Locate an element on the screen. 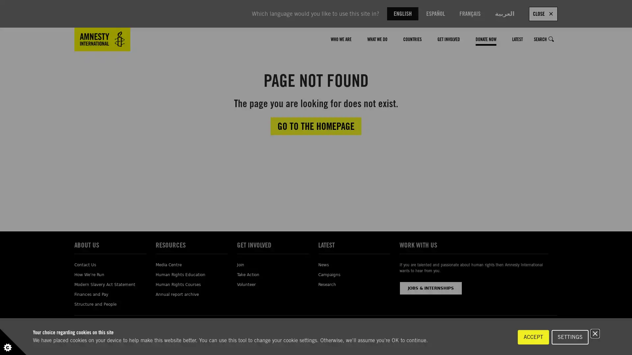  Show search form is located at coordinates (551, 39).